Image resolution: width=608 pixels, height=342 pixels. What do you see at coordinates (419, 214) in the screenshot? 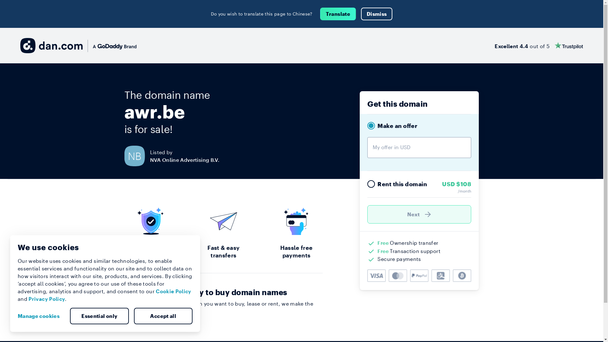
I see `'Next` at bounding box center [419, 214].